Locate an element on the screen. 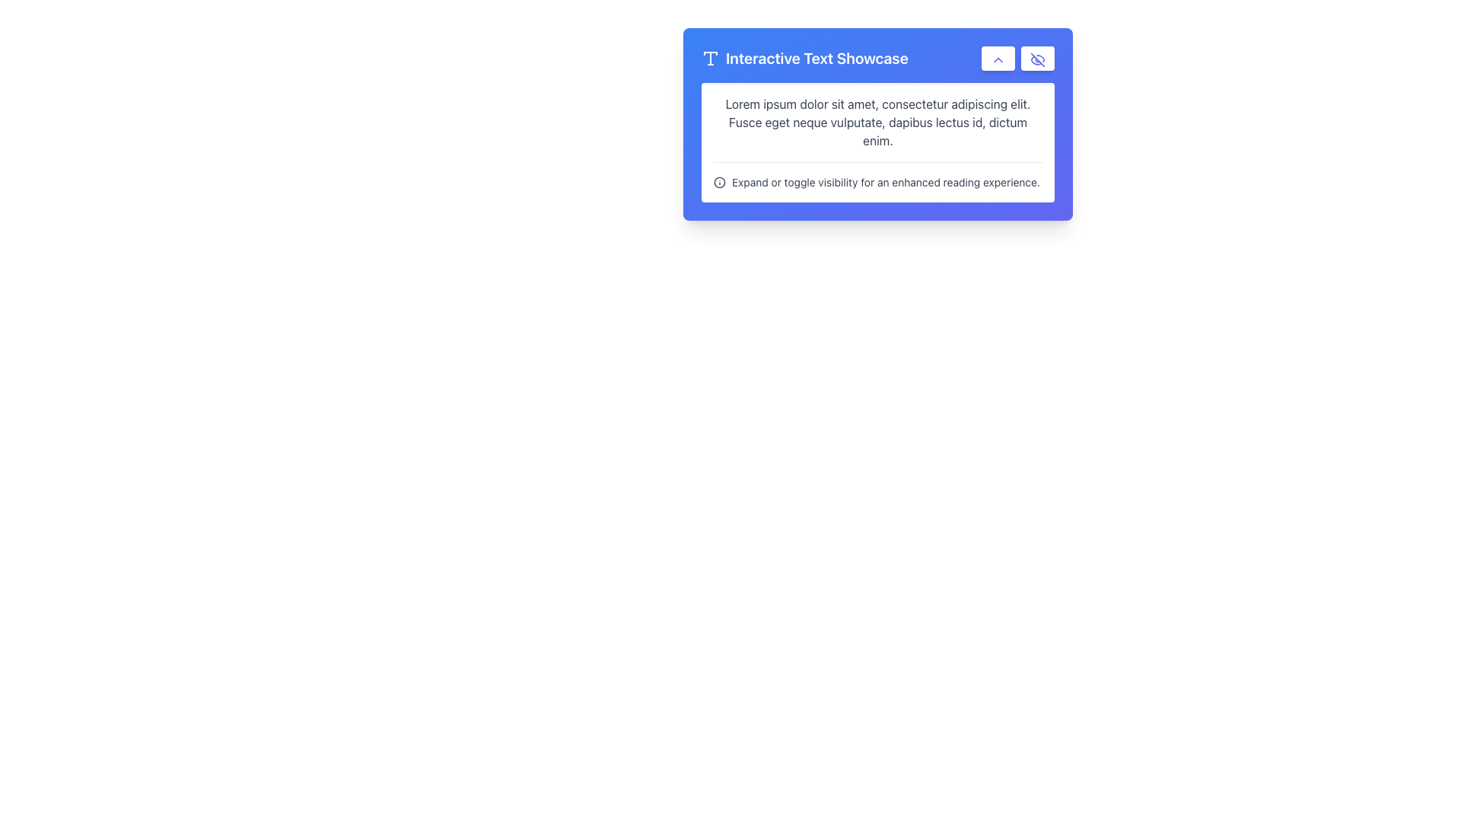 The image size is (1461, 822). the 'Interactive Text Showcase' element, which is a prominently styled text display in white against a blue background, located in the header section to the right of a 'T' icon is located at coordinates (816, 58).